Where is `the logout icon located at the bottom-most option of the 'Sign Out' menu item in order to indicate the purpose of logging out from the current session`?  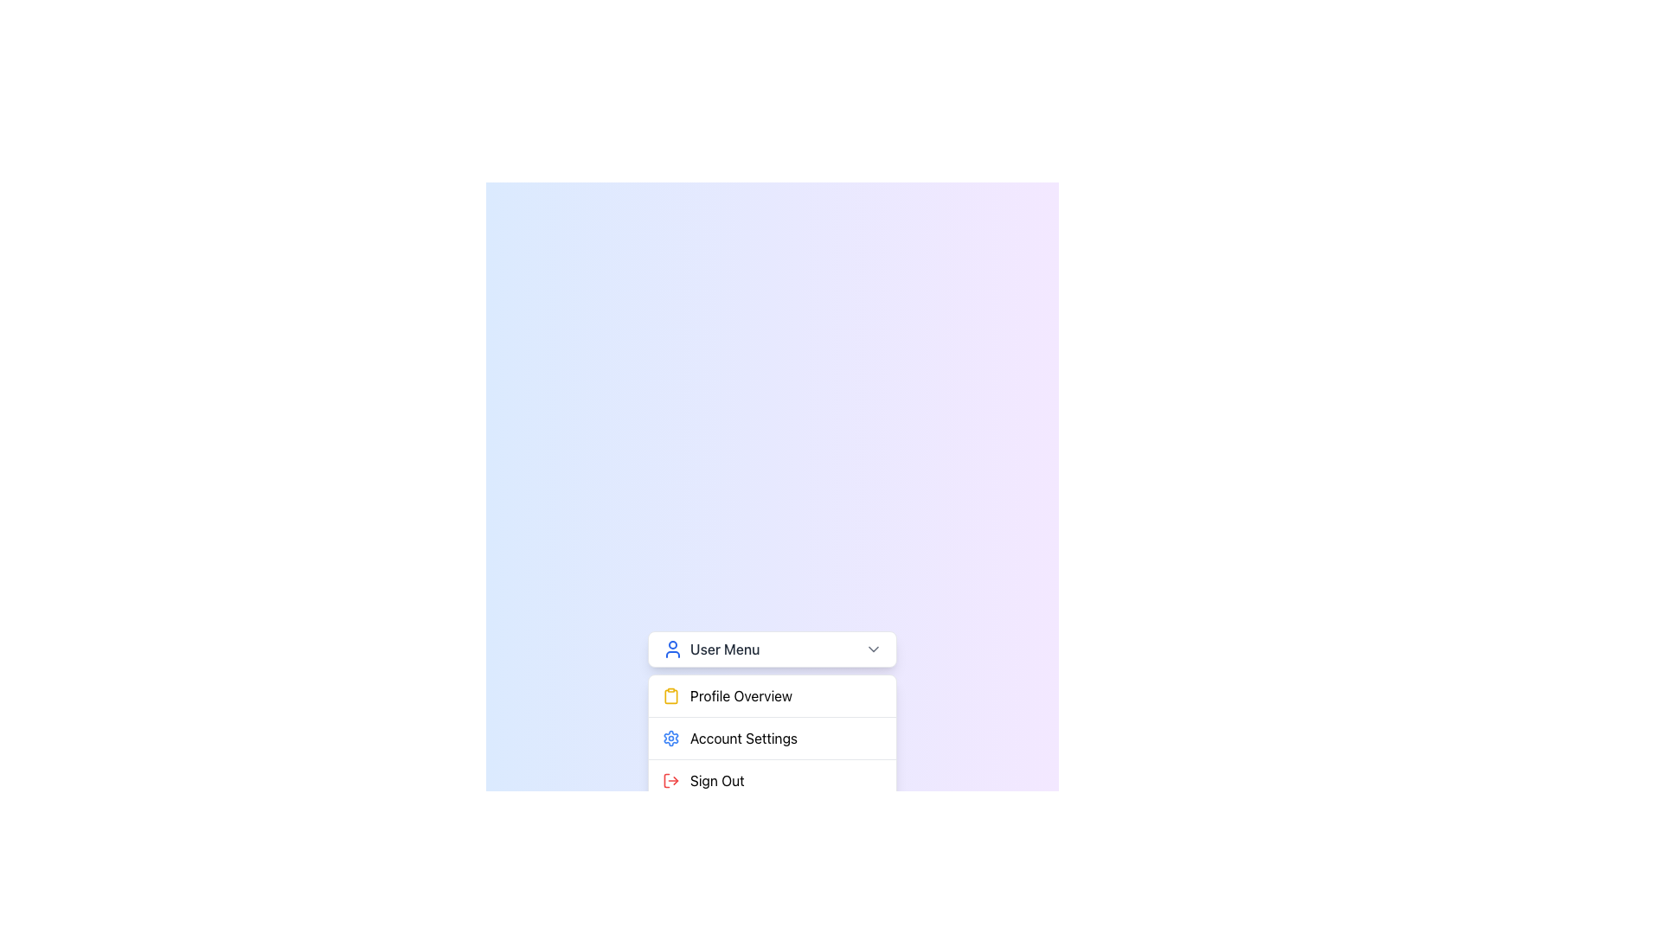 the logout icon located at the bottom-most option of the 'Sign Out' menu item in order to indicate the purpose of logging out from the current session is located at coordinates (670, 780).